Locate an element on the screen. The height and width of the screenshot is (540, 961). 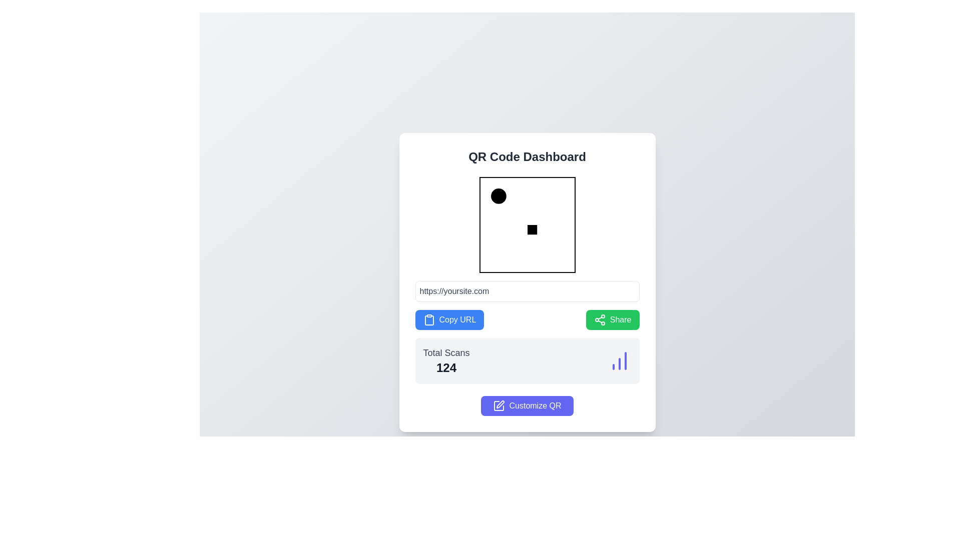
the Text Display element that shows the total scans completed, located beneath the 'Total Scans' label in the dashboard interface is located at coordinates (446, 368).